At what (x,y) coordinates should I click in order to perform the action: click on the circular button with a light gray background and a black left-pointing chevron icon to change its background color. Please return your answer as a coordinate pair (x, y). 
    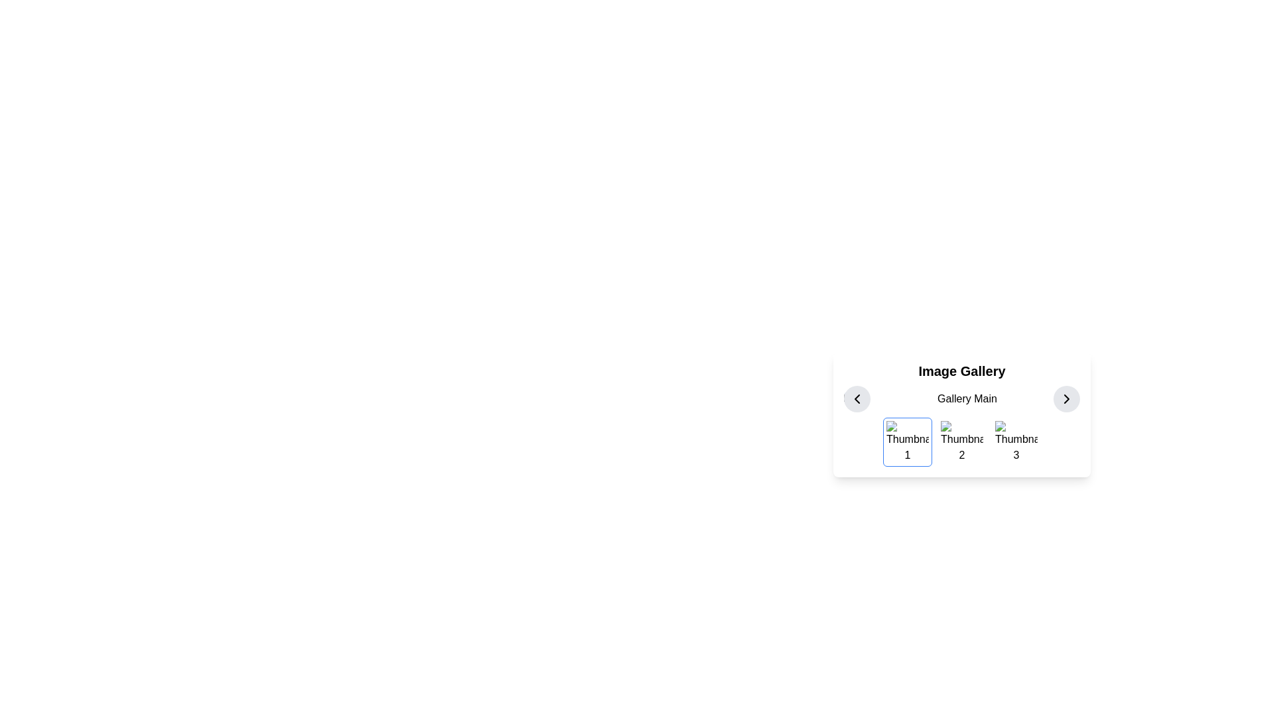
    Looking at the image, I should click on (857, 398).